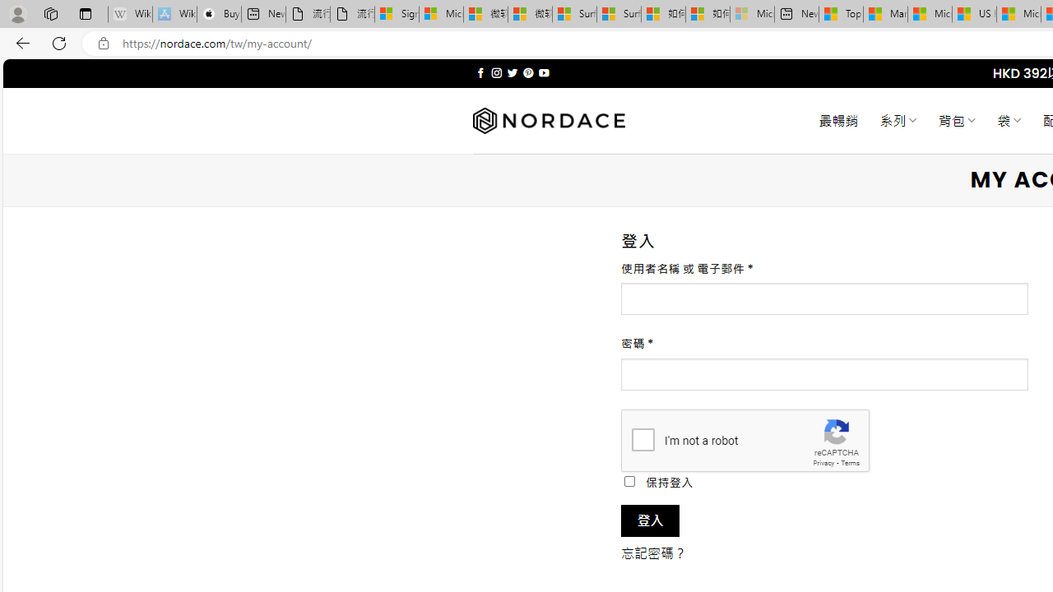 The image size is (1053, 592). I want to click on 'Follow on Instagram', so click(495, 72).